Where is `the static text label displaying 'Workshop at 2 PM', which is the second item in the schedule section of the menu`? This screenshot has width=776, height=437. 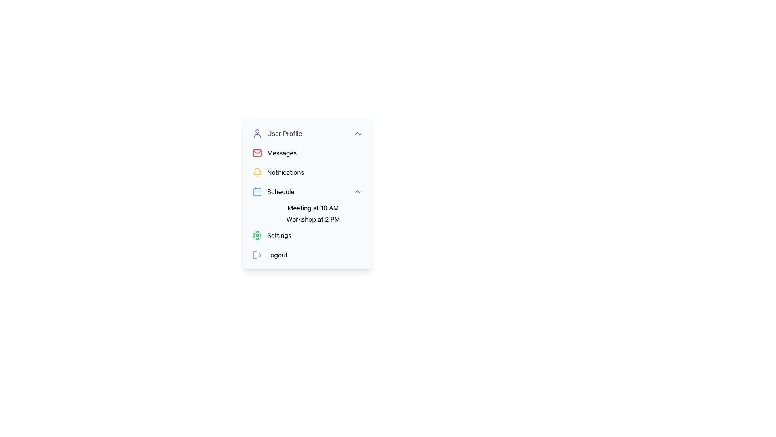 the static text label displaying 'Workshop at 2 PM', which is the second item in the schedule section of the menu is located at coordinates (312, 219).